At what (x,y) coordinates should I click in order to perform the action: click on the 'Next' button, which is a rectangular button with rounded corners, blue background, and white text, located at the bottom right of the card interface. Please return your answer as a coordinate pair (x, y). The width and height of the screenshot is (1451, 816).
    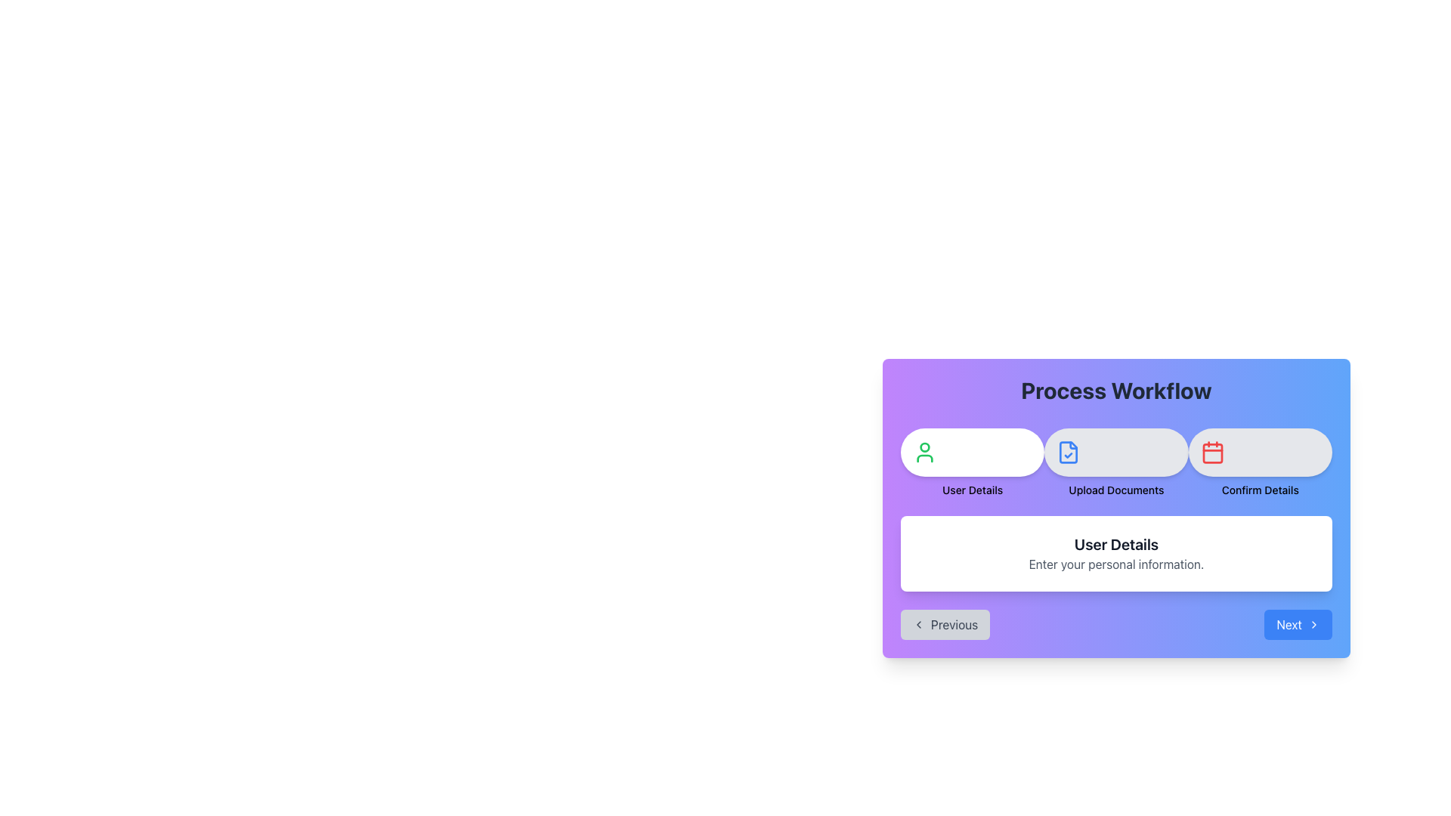
    Looking at the image, I should click on (1298, 624).